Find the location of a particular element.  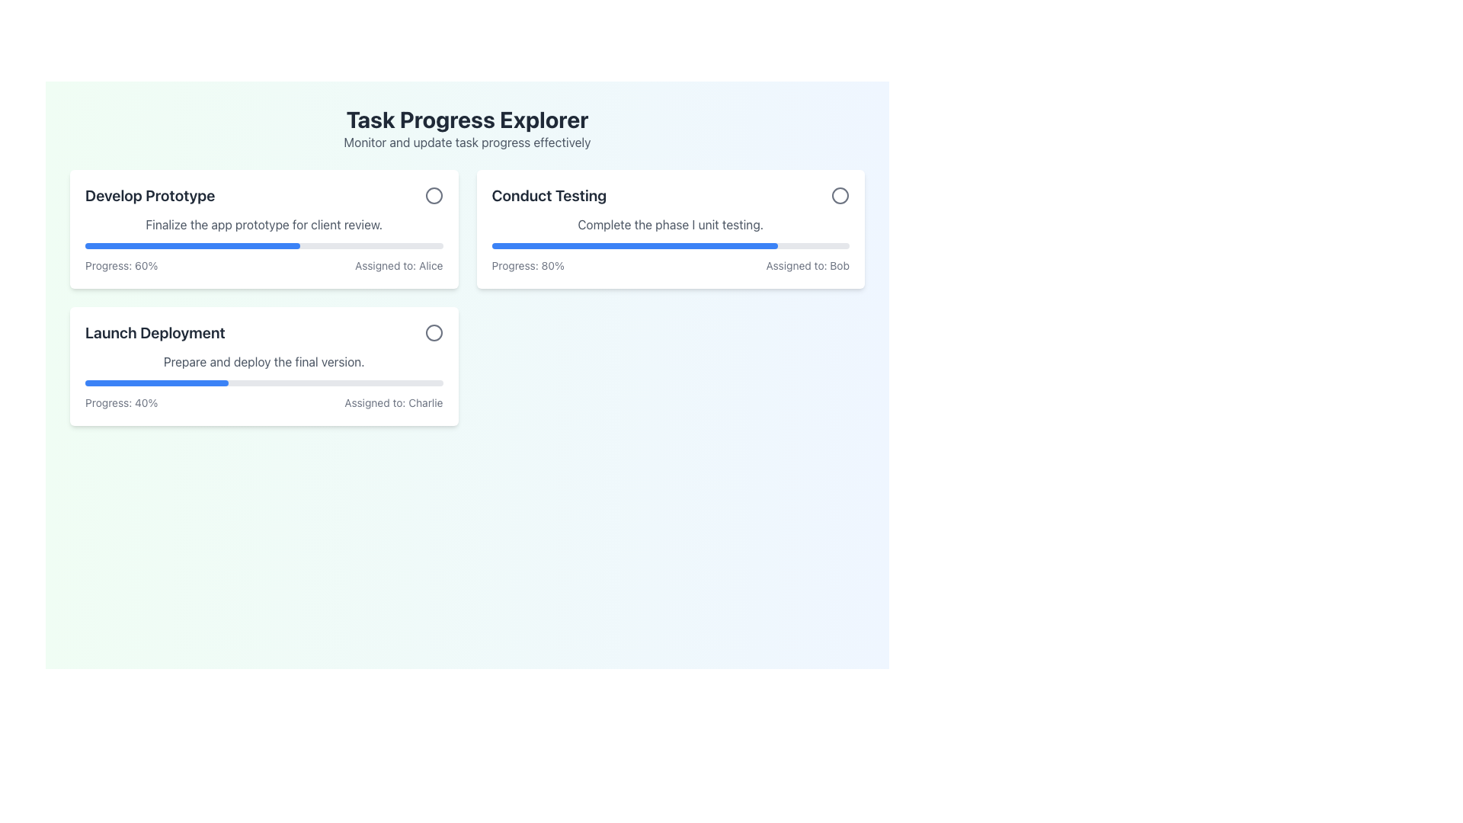

the progress tracker card for the task 'Launch Deployment', located in the bottom-left segment of the grid layout is located at coordinates (264, 367).